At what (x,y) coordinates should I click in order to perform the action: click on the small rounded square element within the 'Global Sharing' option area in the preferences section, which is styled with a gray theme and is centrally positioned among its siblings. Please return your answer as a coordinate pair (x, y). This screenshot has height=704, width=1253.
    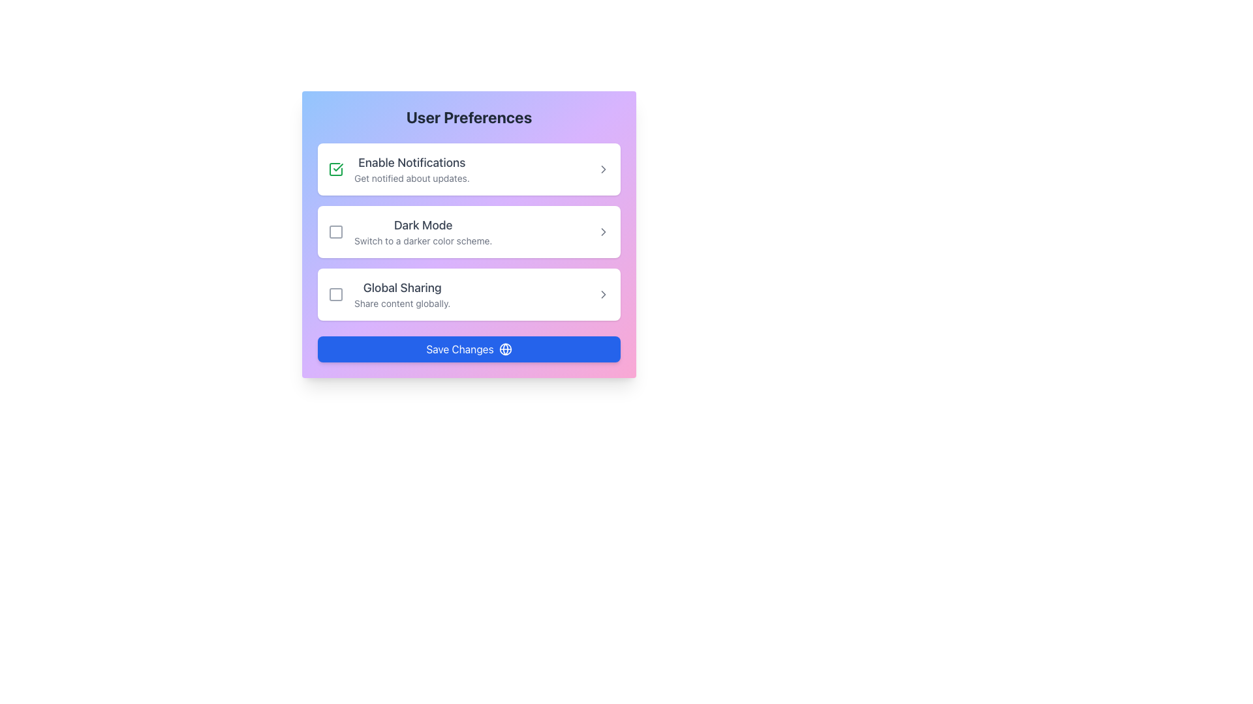
    Looking at the image, I should click on (335, 294).